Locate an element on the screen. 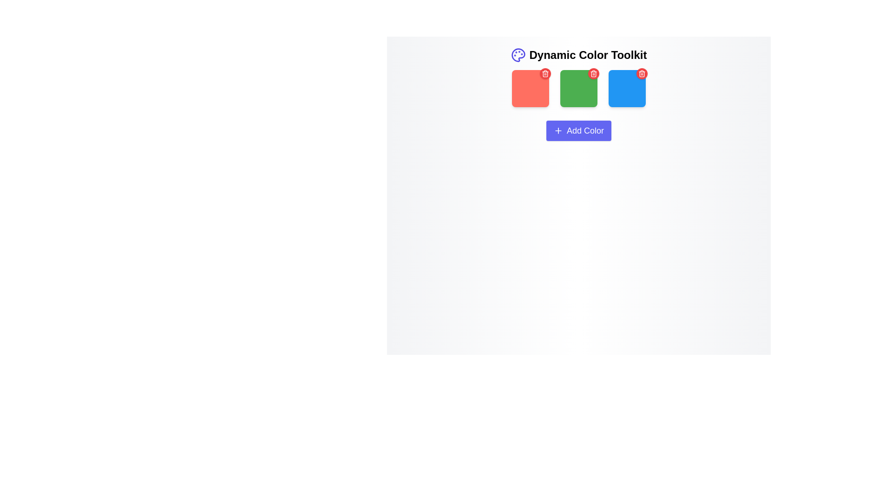 The height and width of the screenshot is (501, 892). the circular red button with a white trash bin icon located in the top-right corner of the green square to observe the hover effect is located at coordinates (593, 73).